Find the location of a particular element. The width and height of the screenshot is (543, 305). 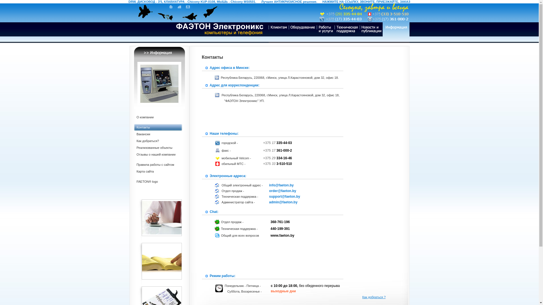

'support@faeton.by' is located at coordinates (269, 196).